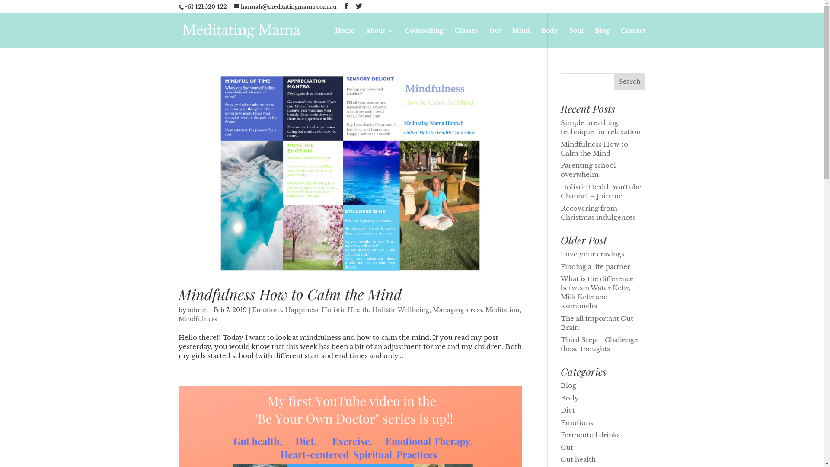  Describe the element at coordinates (594, 37) in the screenshot. I see `'Blog'` at that location.